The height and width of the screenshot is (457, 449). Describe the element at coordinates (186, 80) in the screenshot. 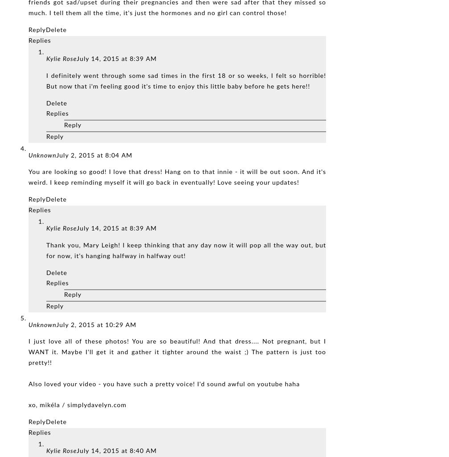

I see `'I definitely went through some sad times in the first 18 or so weeks, I felt so horrible! But now that i'm feeling good it's time to enjoy this little baby before he gets here!!'` at that location.